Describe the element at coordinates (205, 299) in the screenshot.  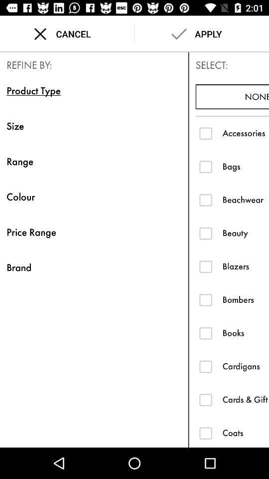
I see `include in search` at that location.